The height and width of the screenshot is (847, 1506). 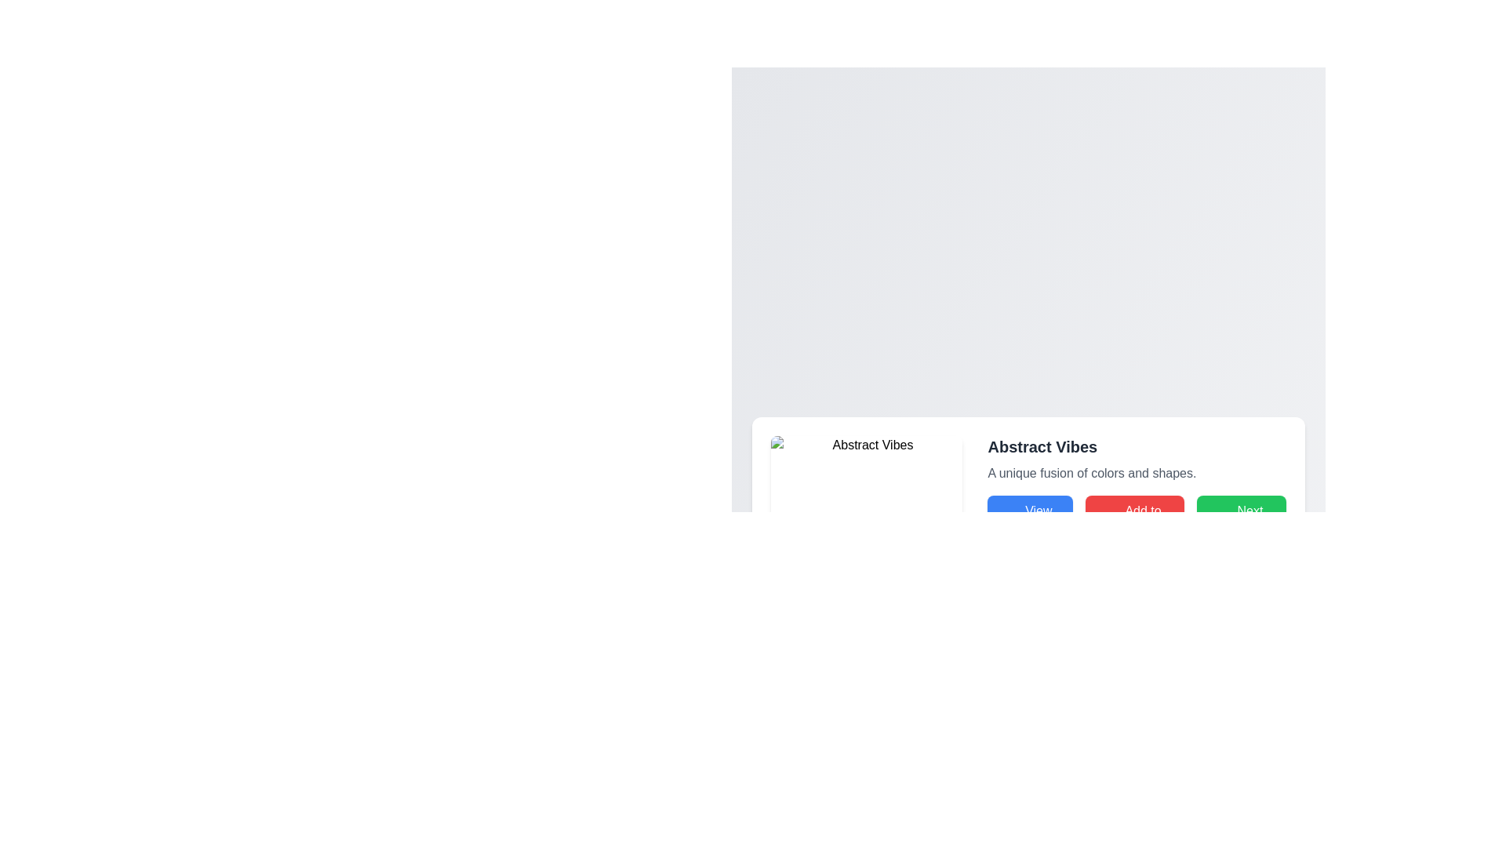 I want to click on the group of brightly colored buttons at the bottom of the 'Abstract Vibes' informational card, so click(x=1137, y=520).